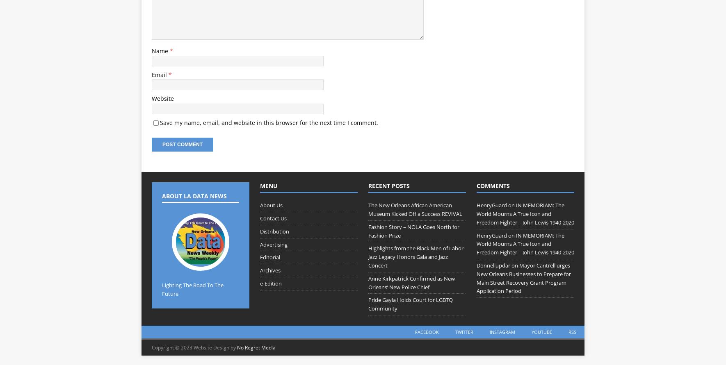 The height and width of the screenshot is (365, 726). I want to click on 'Email', so click(160, 74).